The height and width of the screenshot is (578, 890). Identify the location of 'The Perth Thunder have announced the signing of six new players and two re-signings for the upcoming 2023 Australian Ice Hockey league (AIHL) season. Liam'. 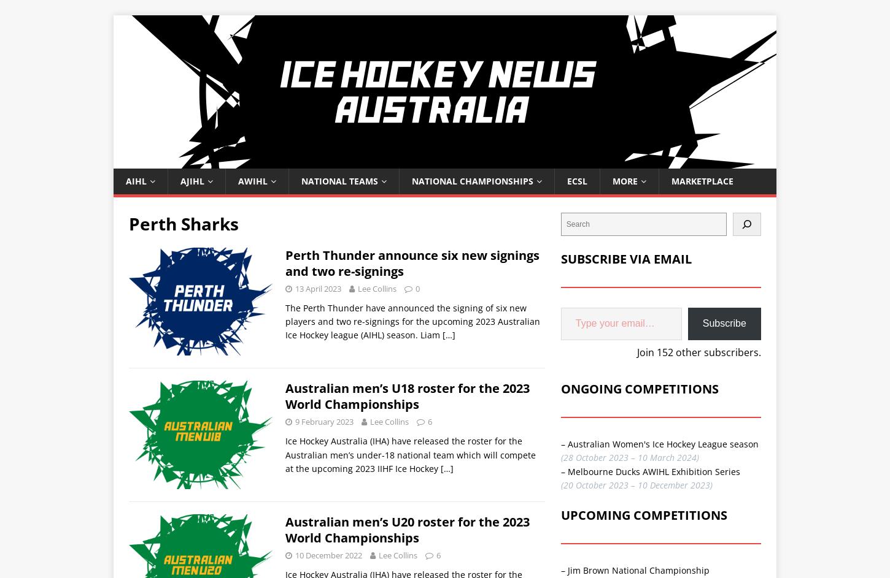
(412, 321).